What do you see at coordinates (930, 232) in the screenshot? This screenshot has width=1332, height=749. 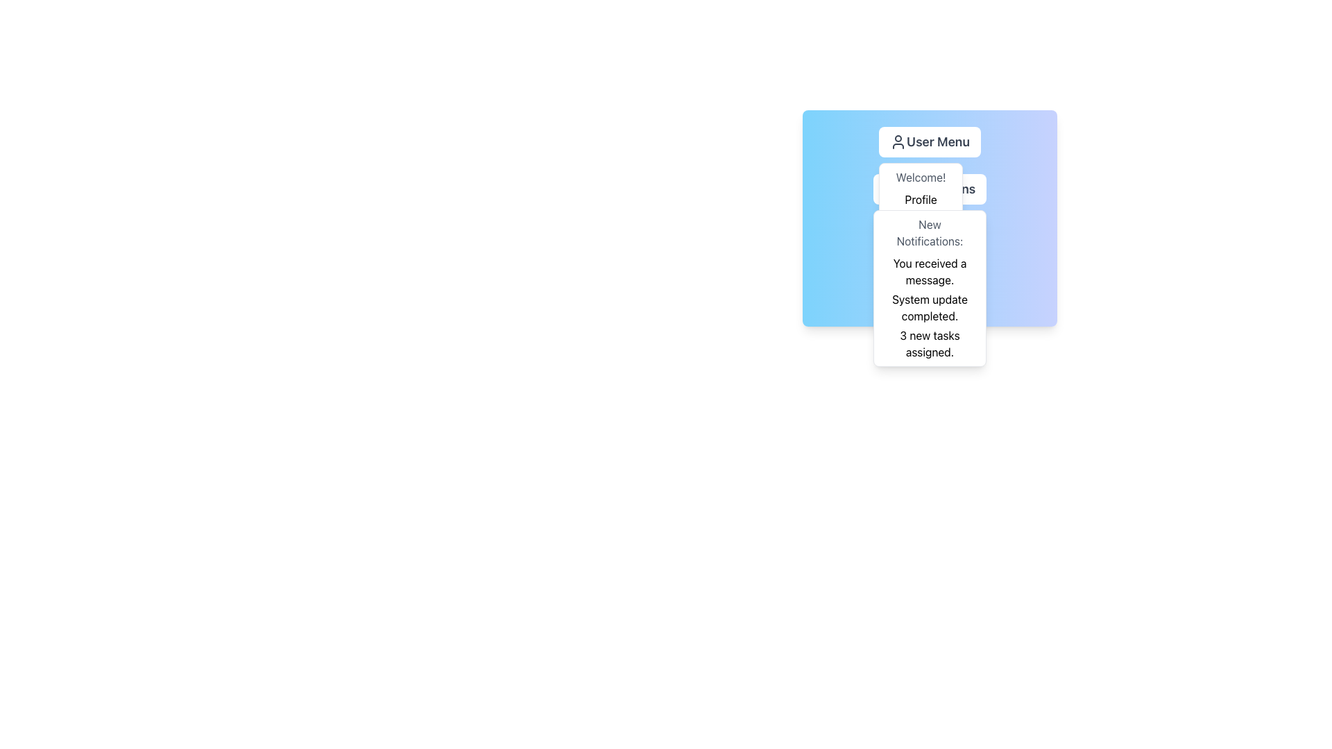 I see `text label that displays 'New Notifications:' located at the top of the dropdown popup containing further notifications` at bounding box center [930, 232].